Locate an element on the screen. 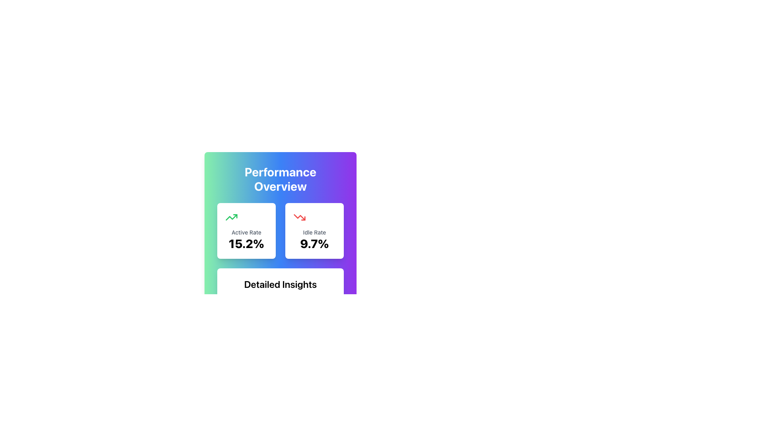  the static text element displaying the active rate percentage, which is positioned beneath the 'Active Rate' label and to the right of an upward trending icon is located at coordinates (246, 243).